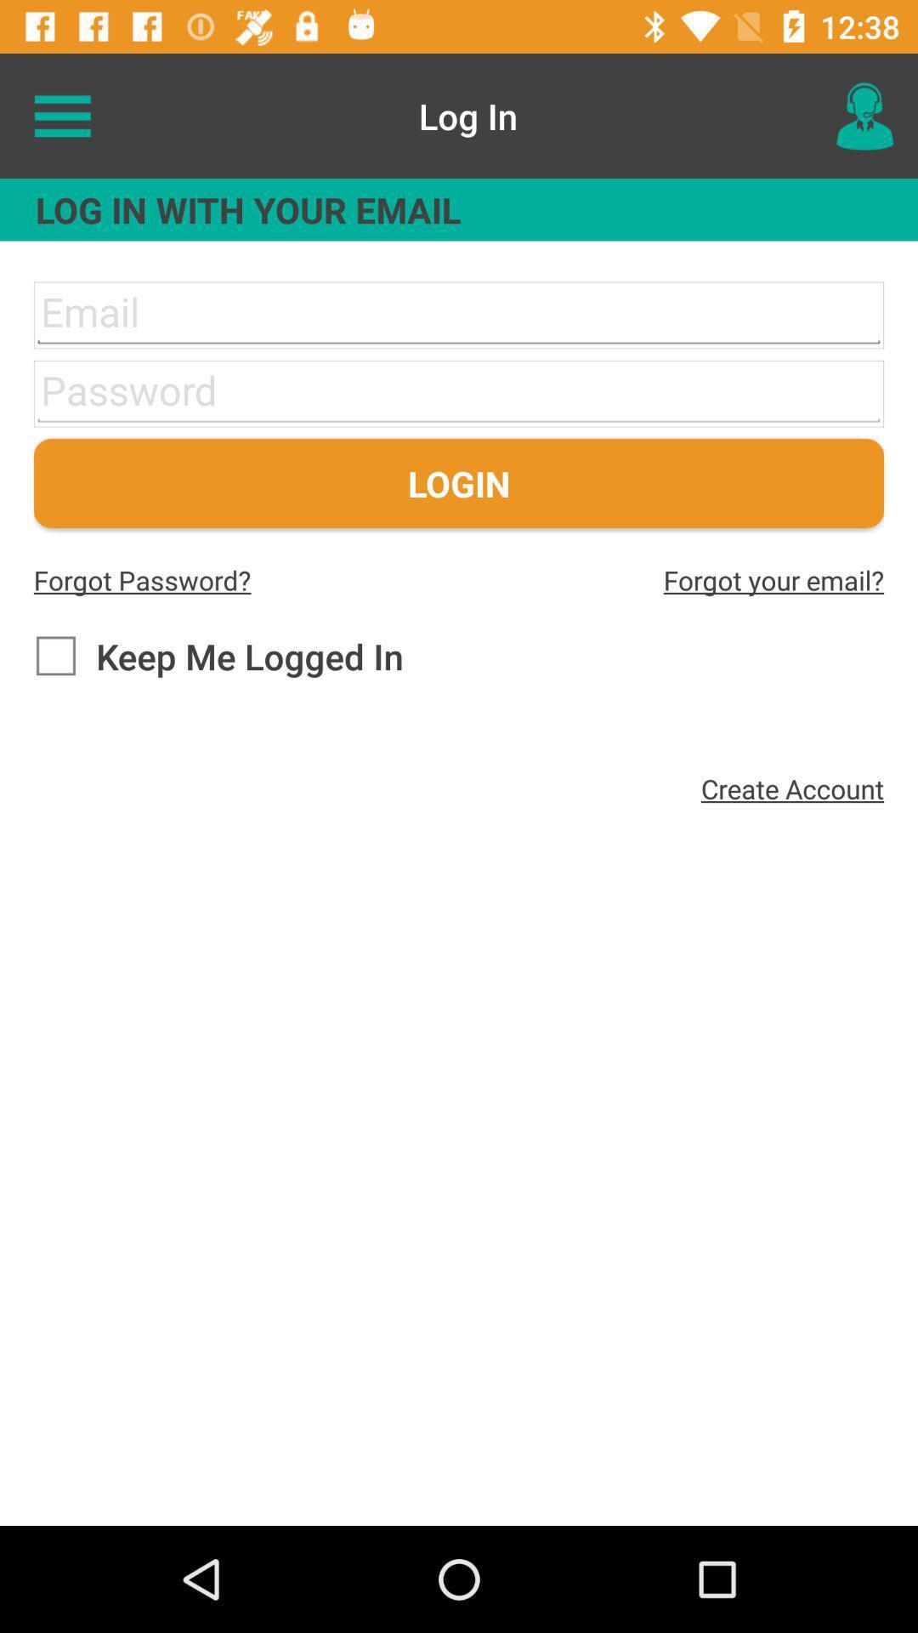 This screenshot has width=918, height=1633. I want to click on the icon below forgot your email? item, so click(792, 788).